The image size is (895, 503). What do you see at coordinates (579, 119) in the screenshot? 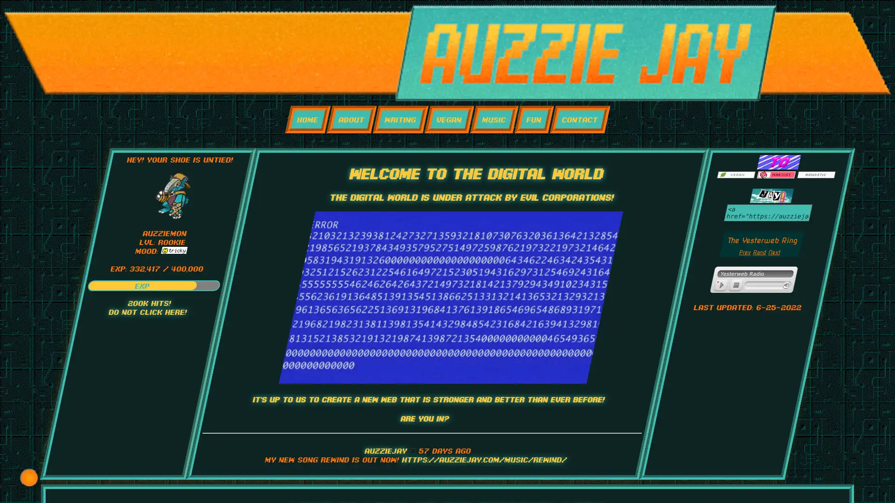
I see `CONTACT` at bounding box center [579, 119].